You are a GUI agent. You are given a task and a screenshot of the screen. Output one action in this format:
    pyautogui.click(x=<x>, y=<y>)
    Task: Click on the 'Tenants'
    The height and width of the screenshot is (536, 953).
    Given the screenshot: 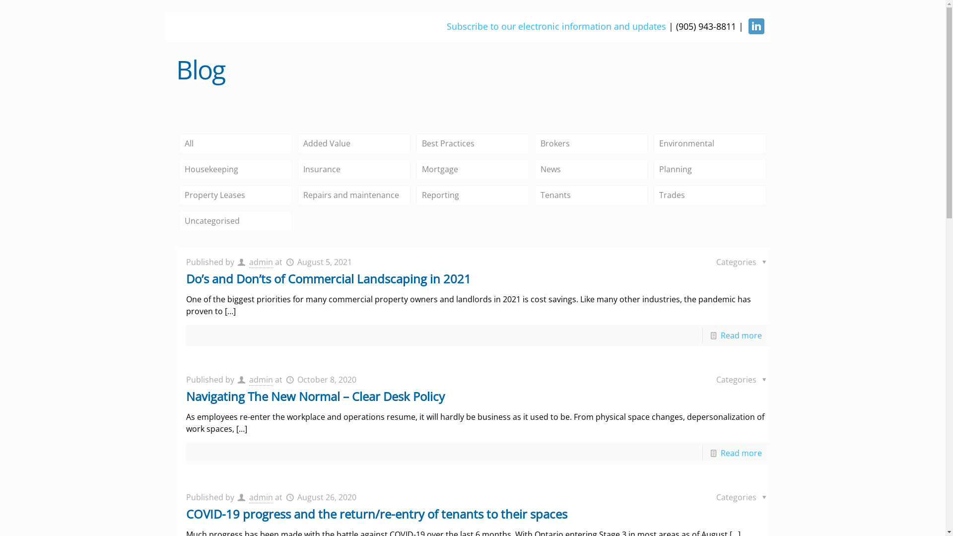 What is the action you would take?
    pyautogui.click(x=535, y=195)
    